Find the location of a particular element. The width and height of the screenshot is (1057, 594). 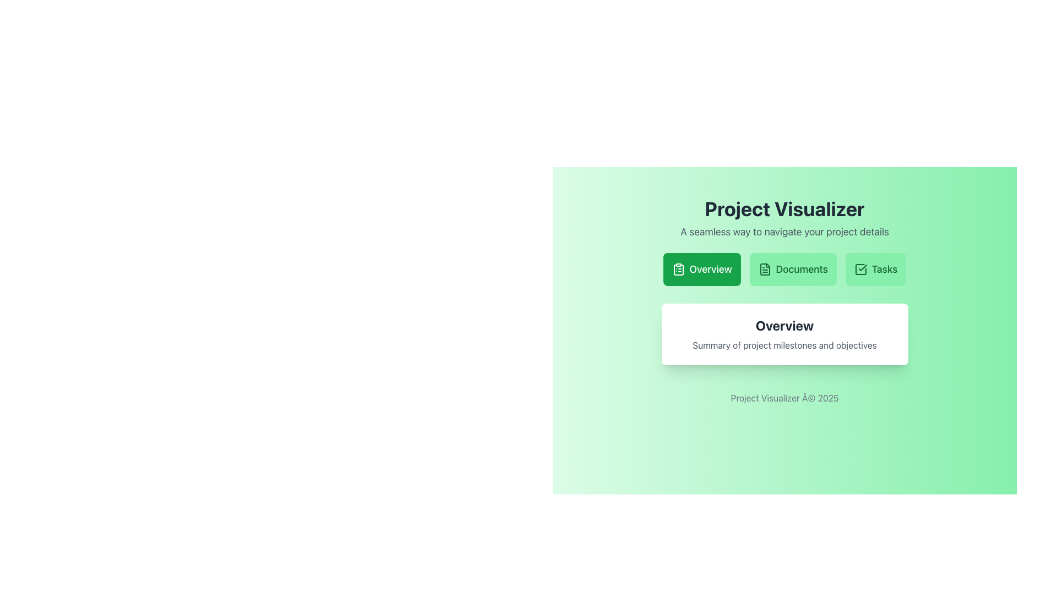

the header text 'Project Visualizer', which is prominently displayed in bold font on a green gradient background is located at coordinates (784, 209).